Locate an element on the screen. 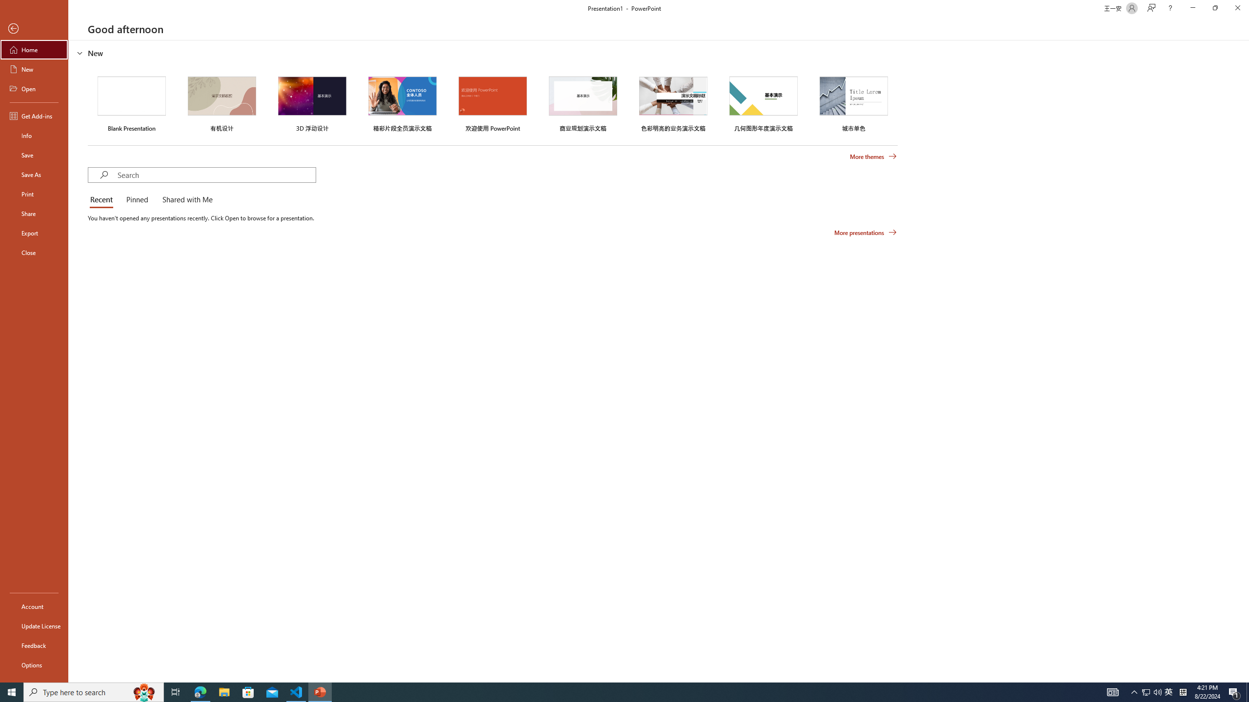 This screenshot has height=702, width=1249. 'More presentations' is located at coordinates (865, 232).